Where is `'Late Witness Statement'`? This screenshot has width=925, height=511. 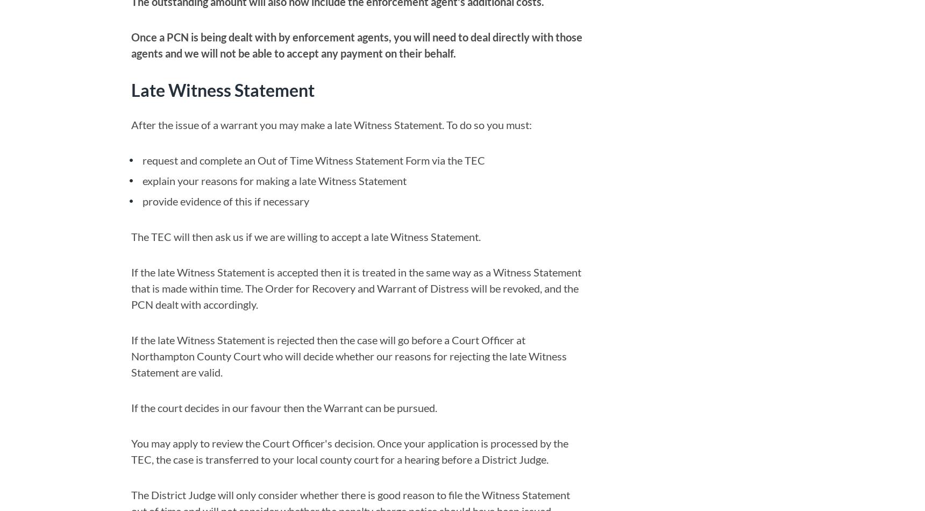 'Late Witness Statement' is located at coordinates (223, 90).